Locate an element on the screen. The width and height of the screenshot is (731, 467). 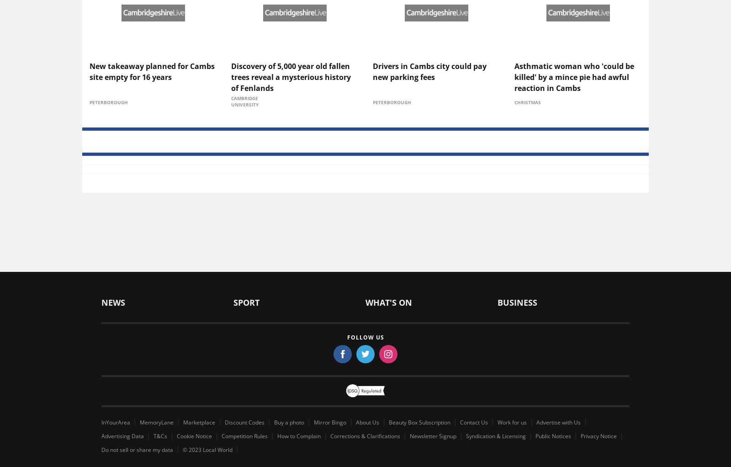
'News' is located at coordinates (112, 45).